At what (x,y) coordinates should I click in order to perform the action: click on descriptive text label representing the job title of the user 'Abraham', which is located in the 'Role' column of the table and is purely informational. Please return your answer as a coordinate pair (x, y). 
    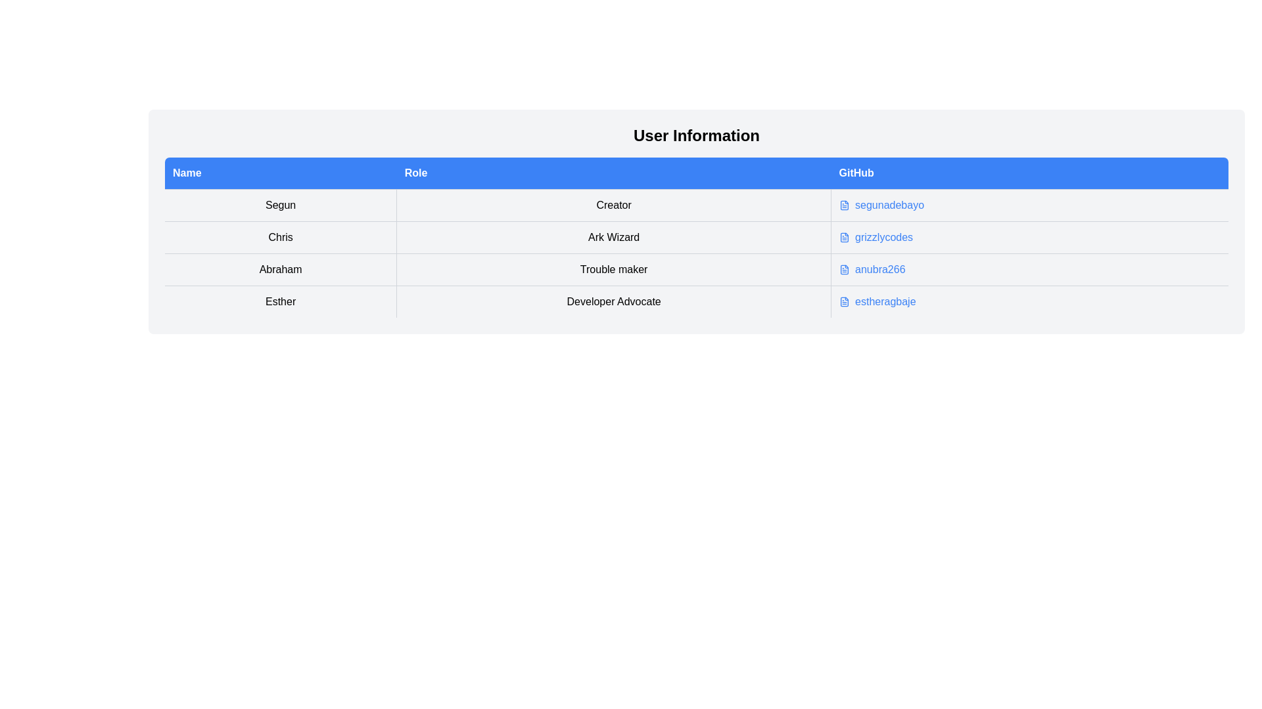
    Looking at the image, I should click on (613, 269).